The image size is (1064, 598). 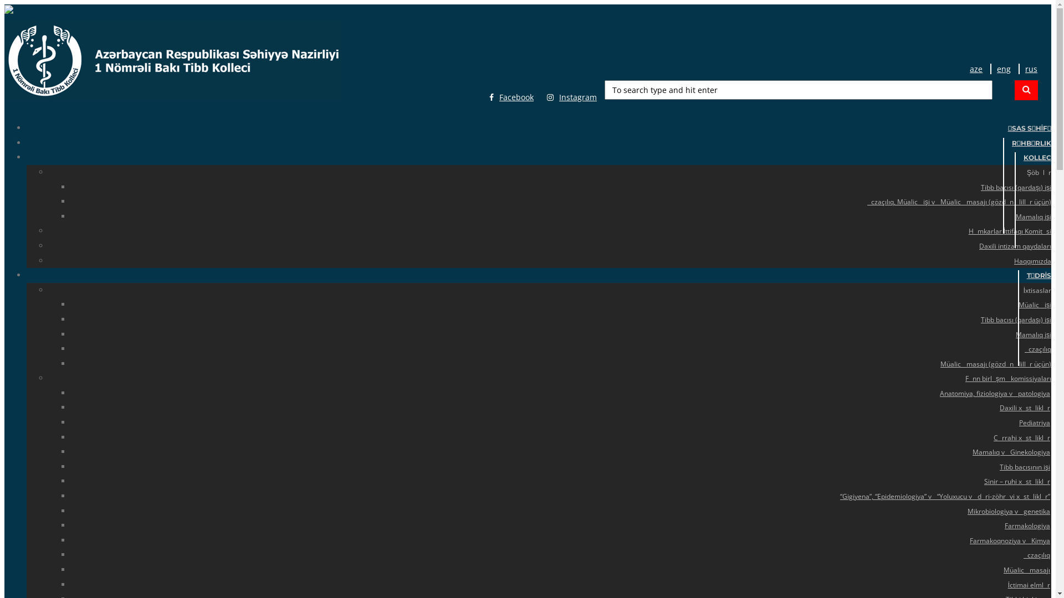 I want to click on 'aze', so click(x=976, y=69).